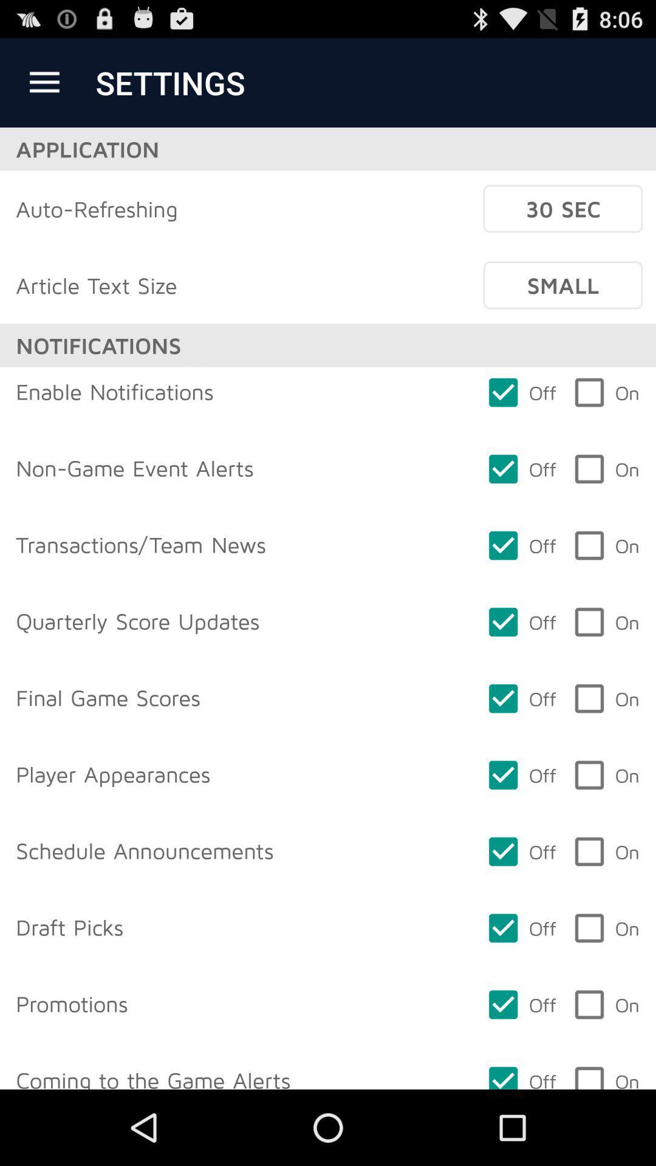 The width and height of the screenshot is (656, 1166). What do you see at coordinates (44, 82) in the screenshot?
I see `icon to the left of the settings` at bounding box center [44, 82].